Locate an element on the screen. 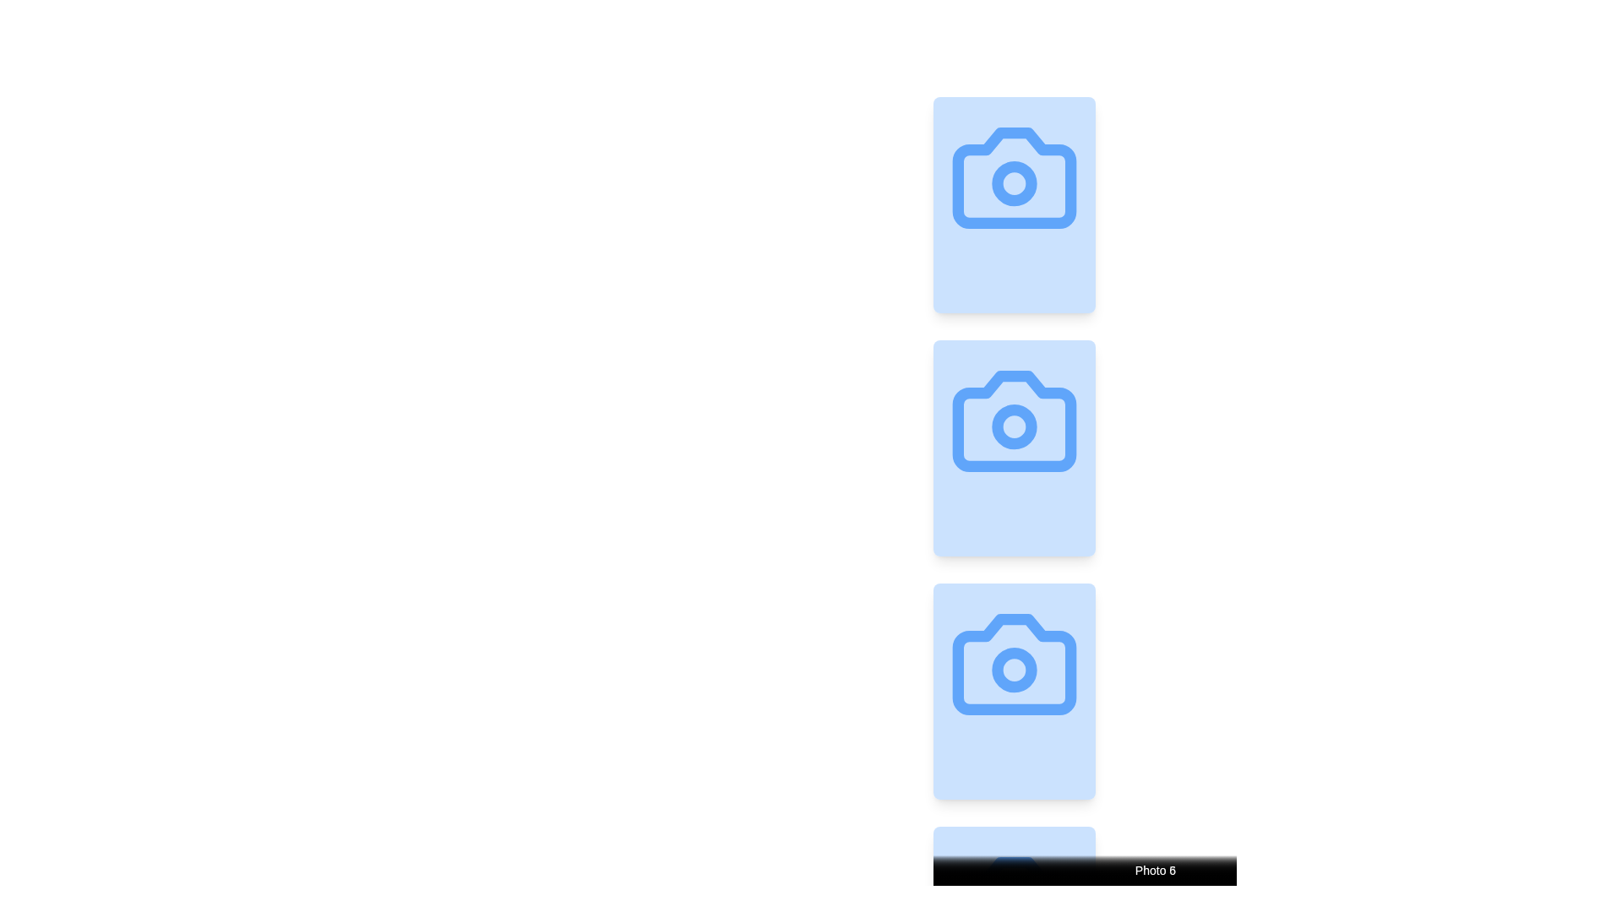  the SVG camera icon, which is a light blue icon with a circular lens and rounded rectangle frame, located prominently within the 'Photo 2' card is located at coordinates (1014, 420).